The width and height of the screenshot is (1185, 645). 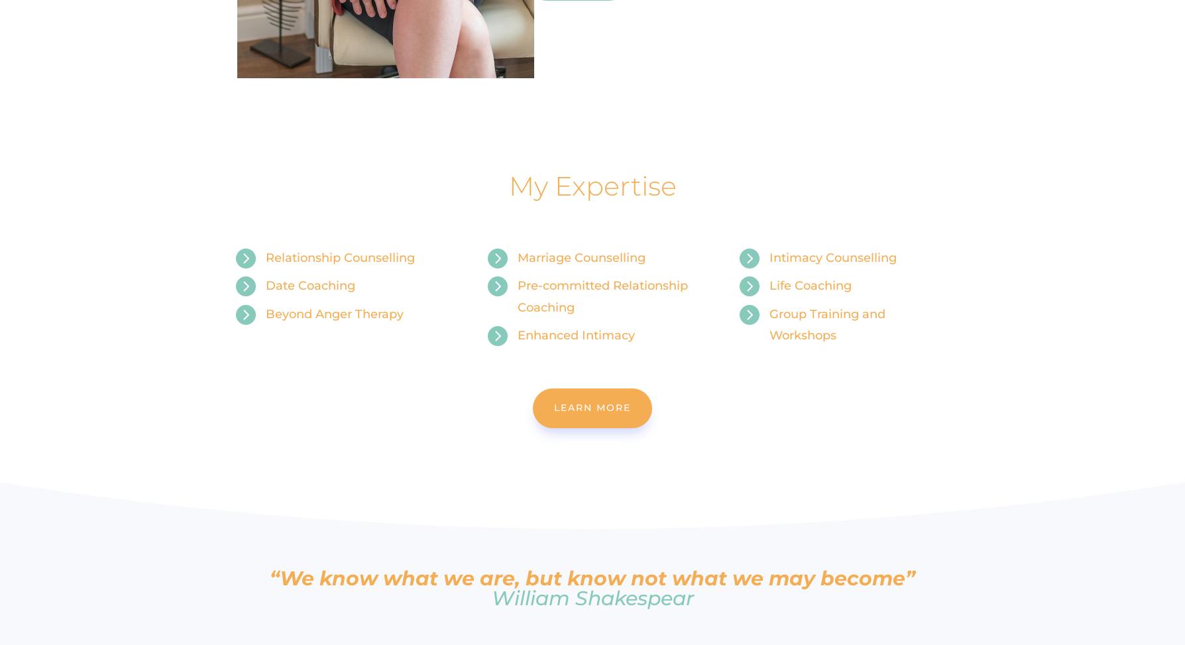 I want to click on 'Beyond Anger Therapy', so click(x=334, y=313).